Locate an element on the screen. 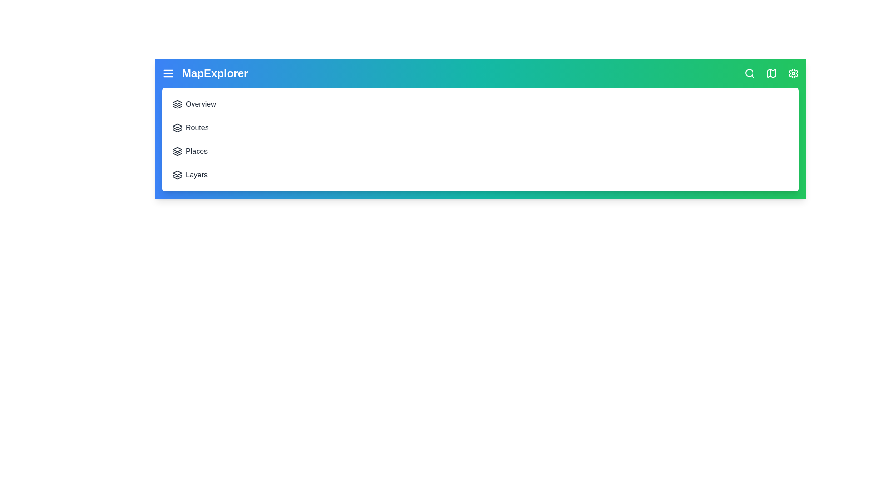 The height and width of the screenshot is (490, 872). the menu icon to toggle the menu visibility is located at coordinates (168, 73).